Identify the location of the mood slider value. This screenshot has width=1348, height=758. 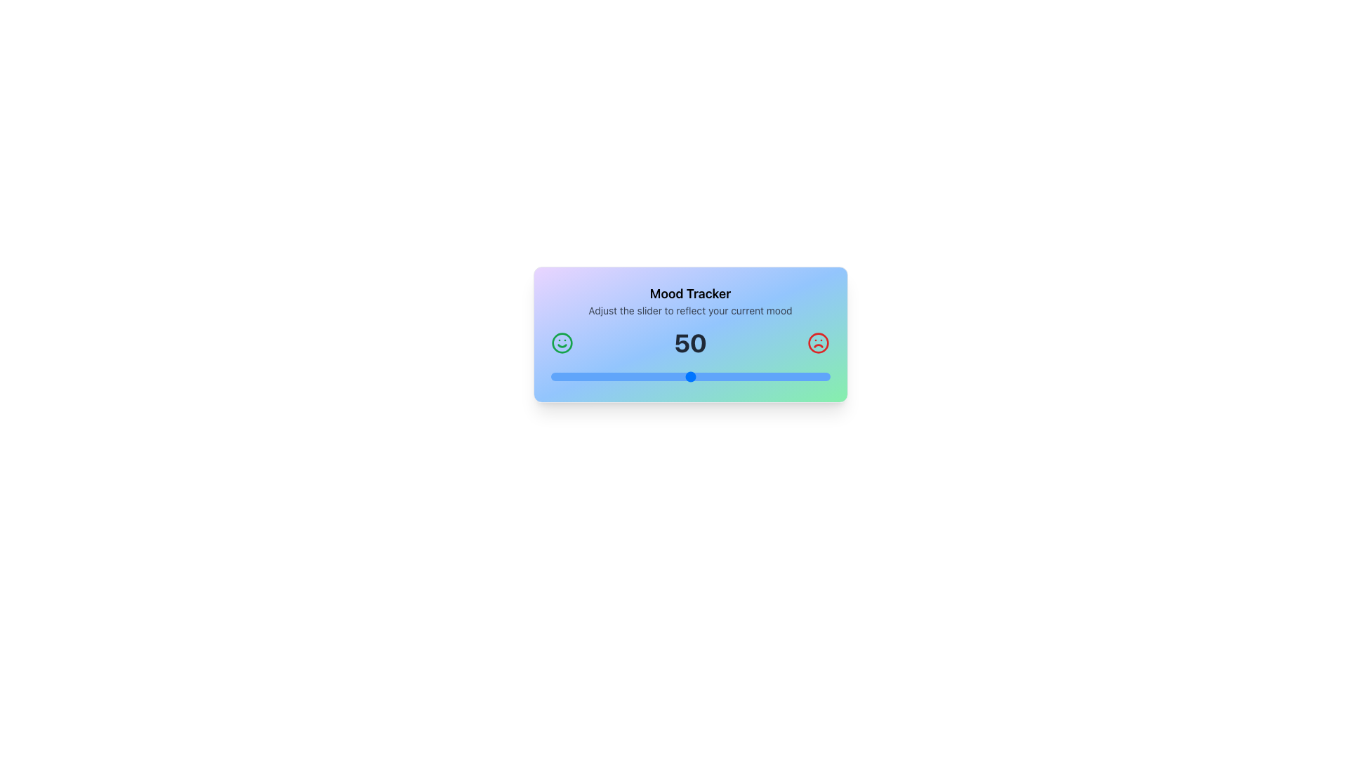
(612, 375).